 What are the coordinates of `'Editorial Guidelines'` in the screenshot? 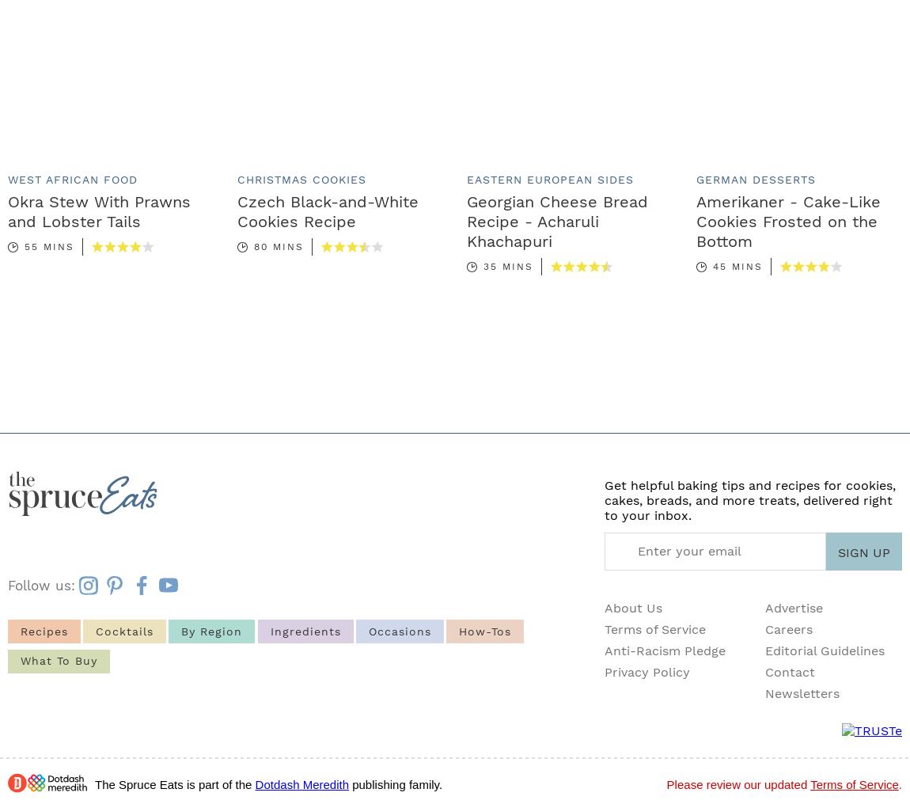 It's located at (824, 650).